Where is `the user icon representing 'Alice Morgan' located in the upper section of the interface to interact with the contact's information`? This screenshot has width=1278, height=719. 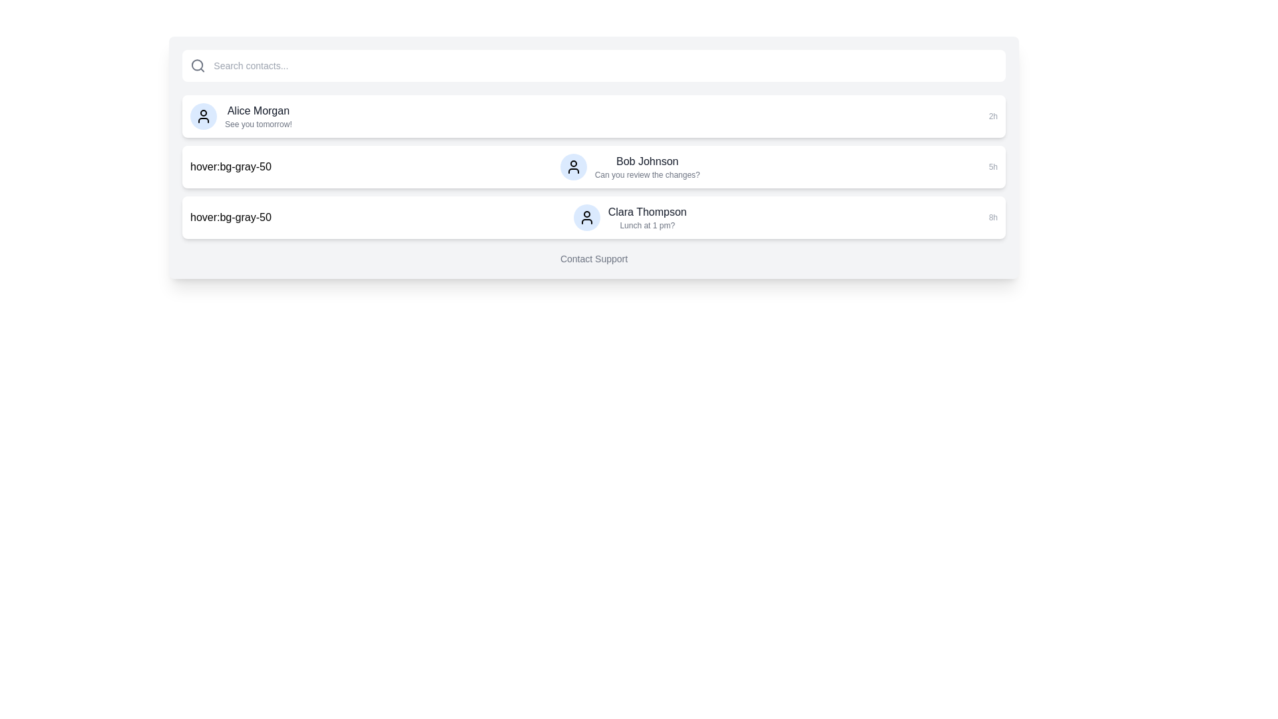
the user icon representing 'Alice Morgan' located in the upper section of the interface to interact with the contact's information is located at coordinates (203, 115).